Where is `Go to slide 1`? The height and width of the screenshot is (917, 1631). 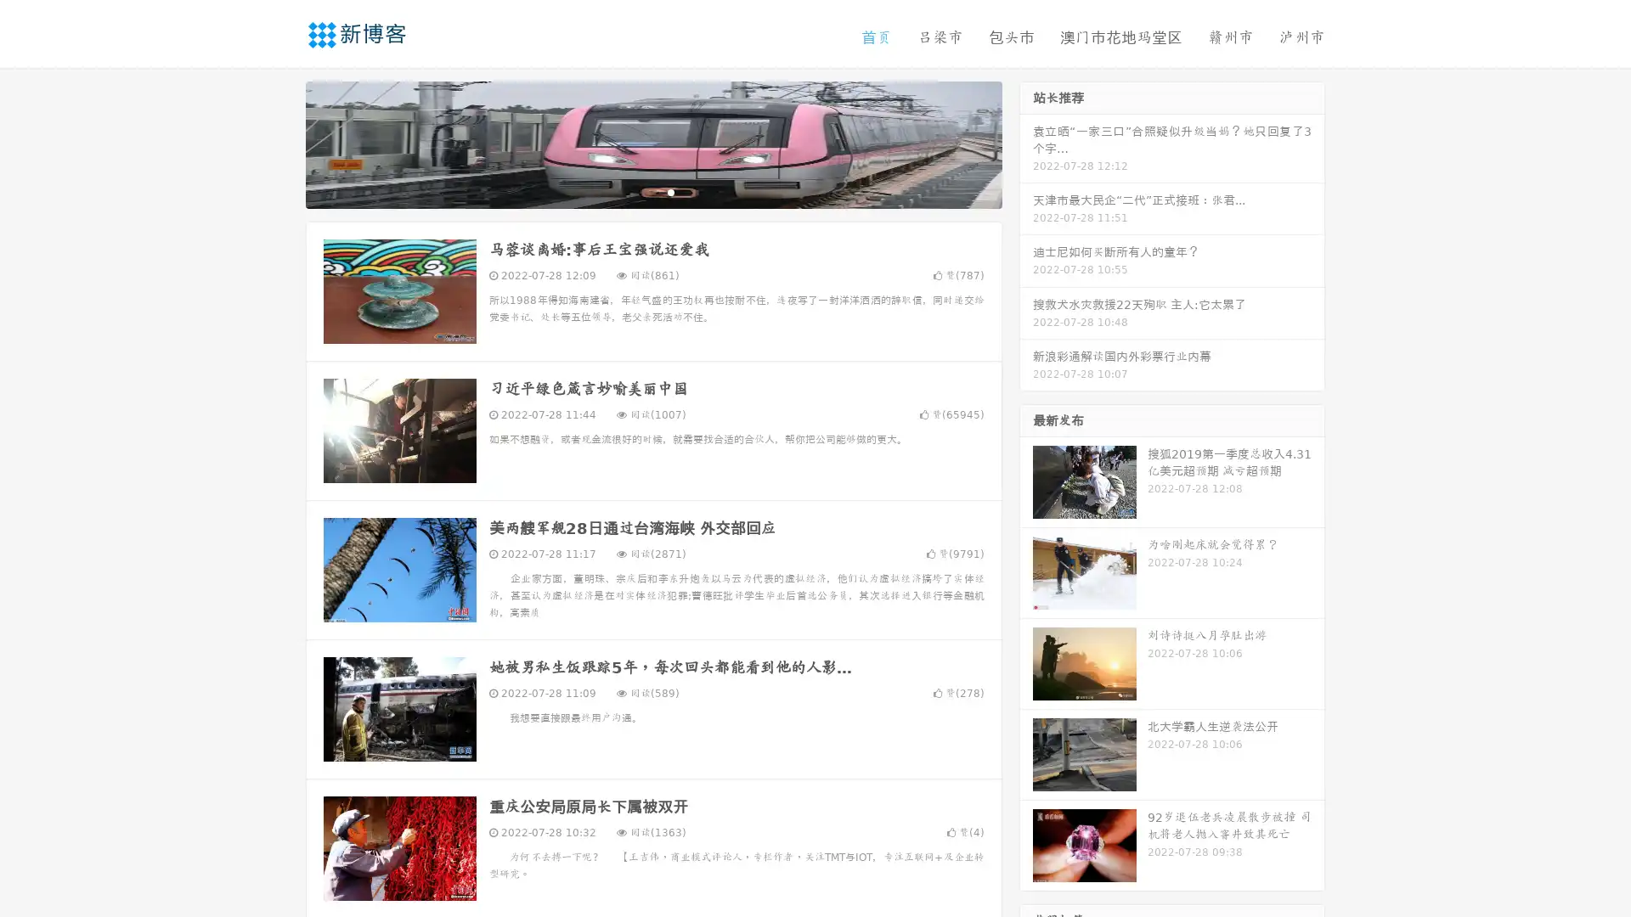 Go to slide 1 is located at coordinates (635, 191).